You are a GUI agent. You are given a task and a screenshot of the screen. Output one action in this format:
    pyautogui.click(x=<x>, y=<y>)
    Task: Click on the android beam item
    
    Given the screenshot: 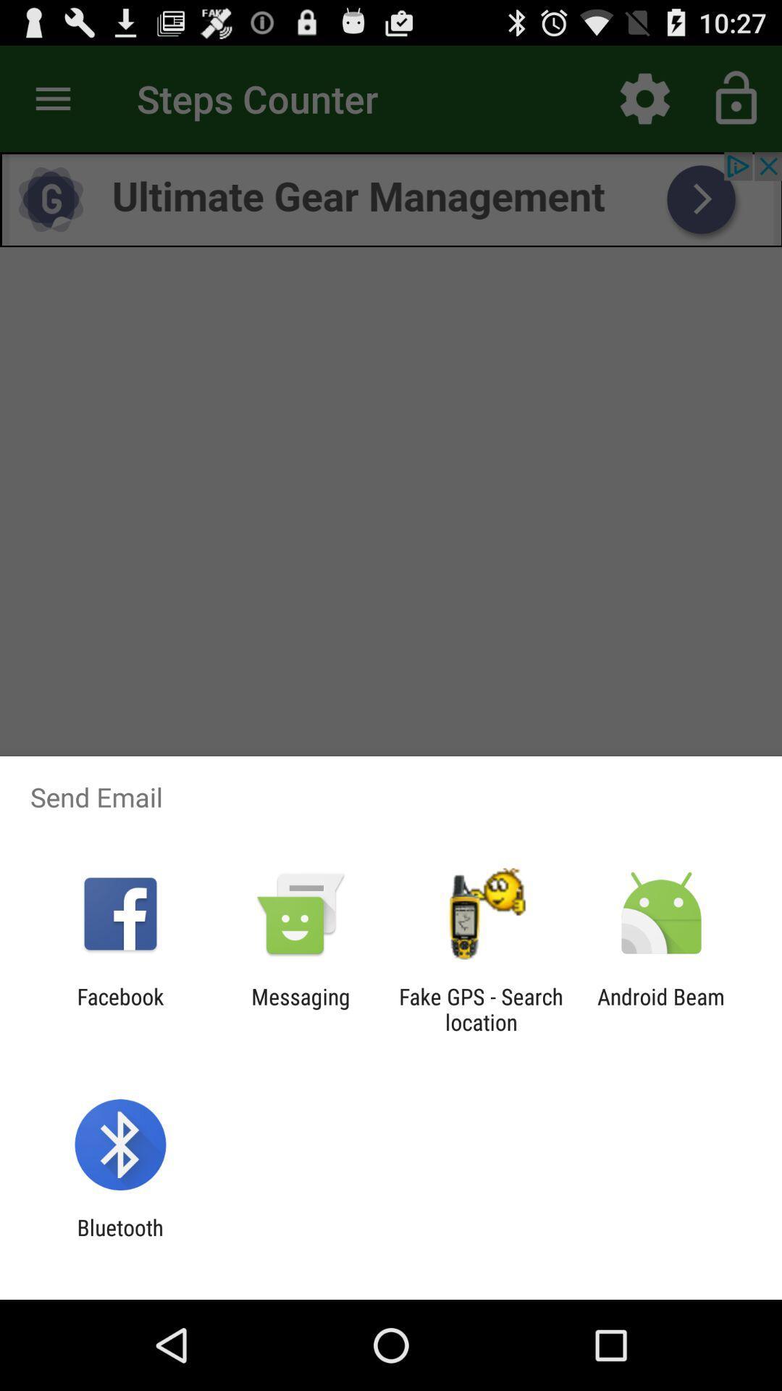 What is the action you would take?
    pyautogui.click(x=661, y=1008)
    